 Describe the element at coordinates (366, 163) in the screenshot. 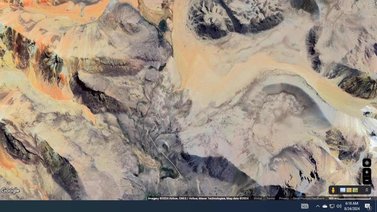

I see `'Show Your Location'` at that location.